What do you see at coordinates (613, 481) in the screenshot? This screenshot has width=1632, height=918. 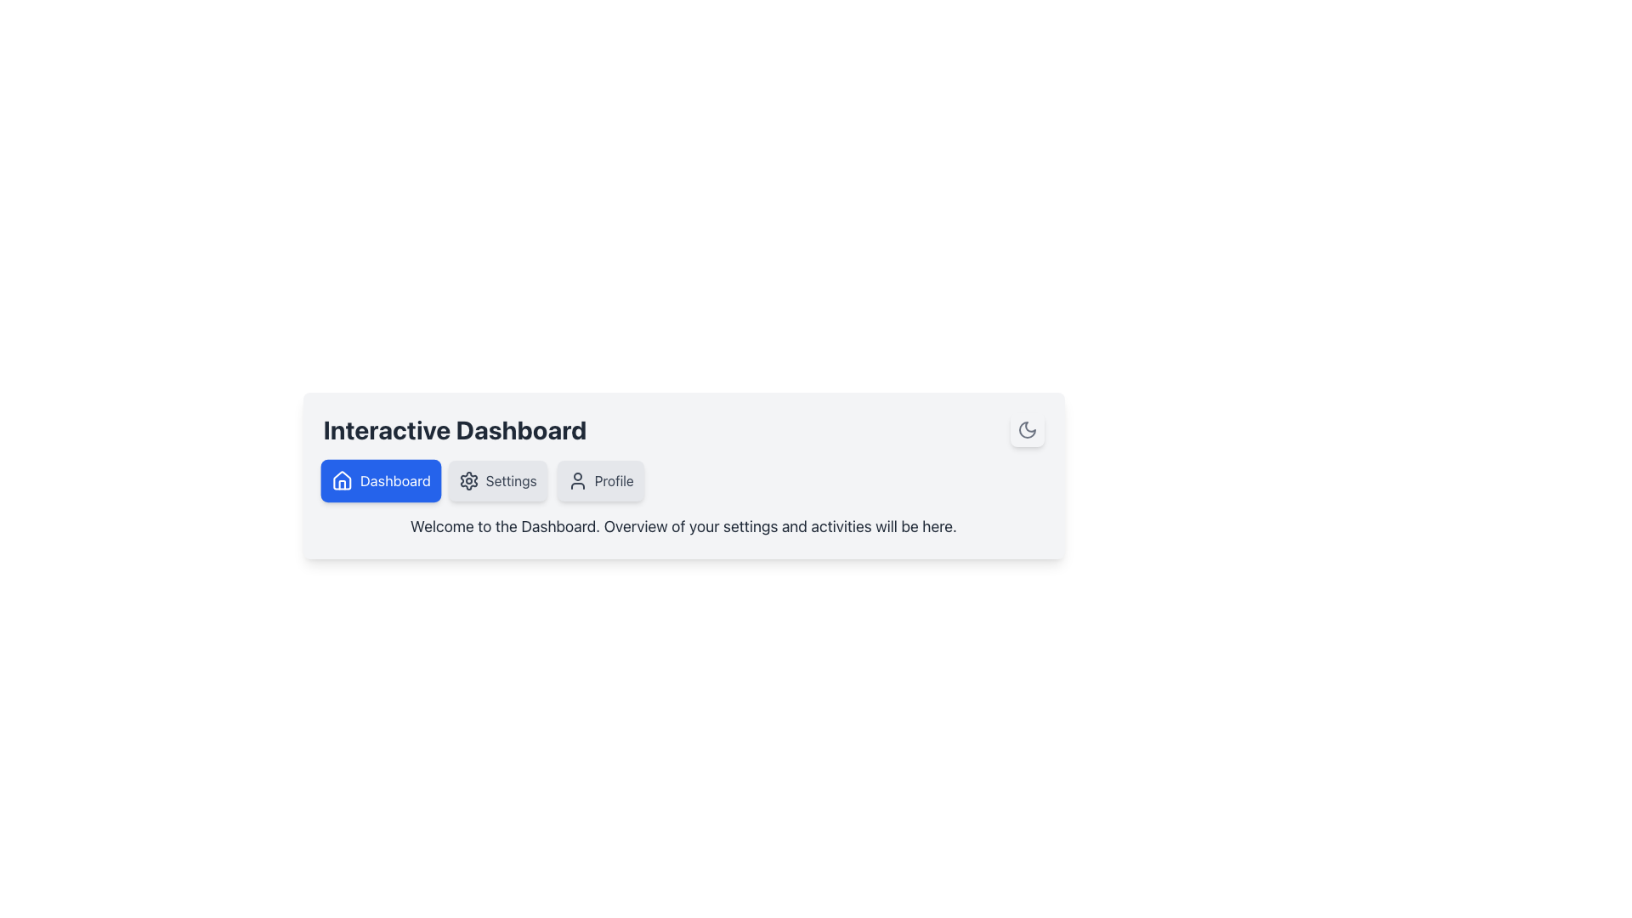 I see `the Text label indicating user profile-related options, situated to the right of a user silhouette icon in the navigation menu` at bounding box center [613, 481].